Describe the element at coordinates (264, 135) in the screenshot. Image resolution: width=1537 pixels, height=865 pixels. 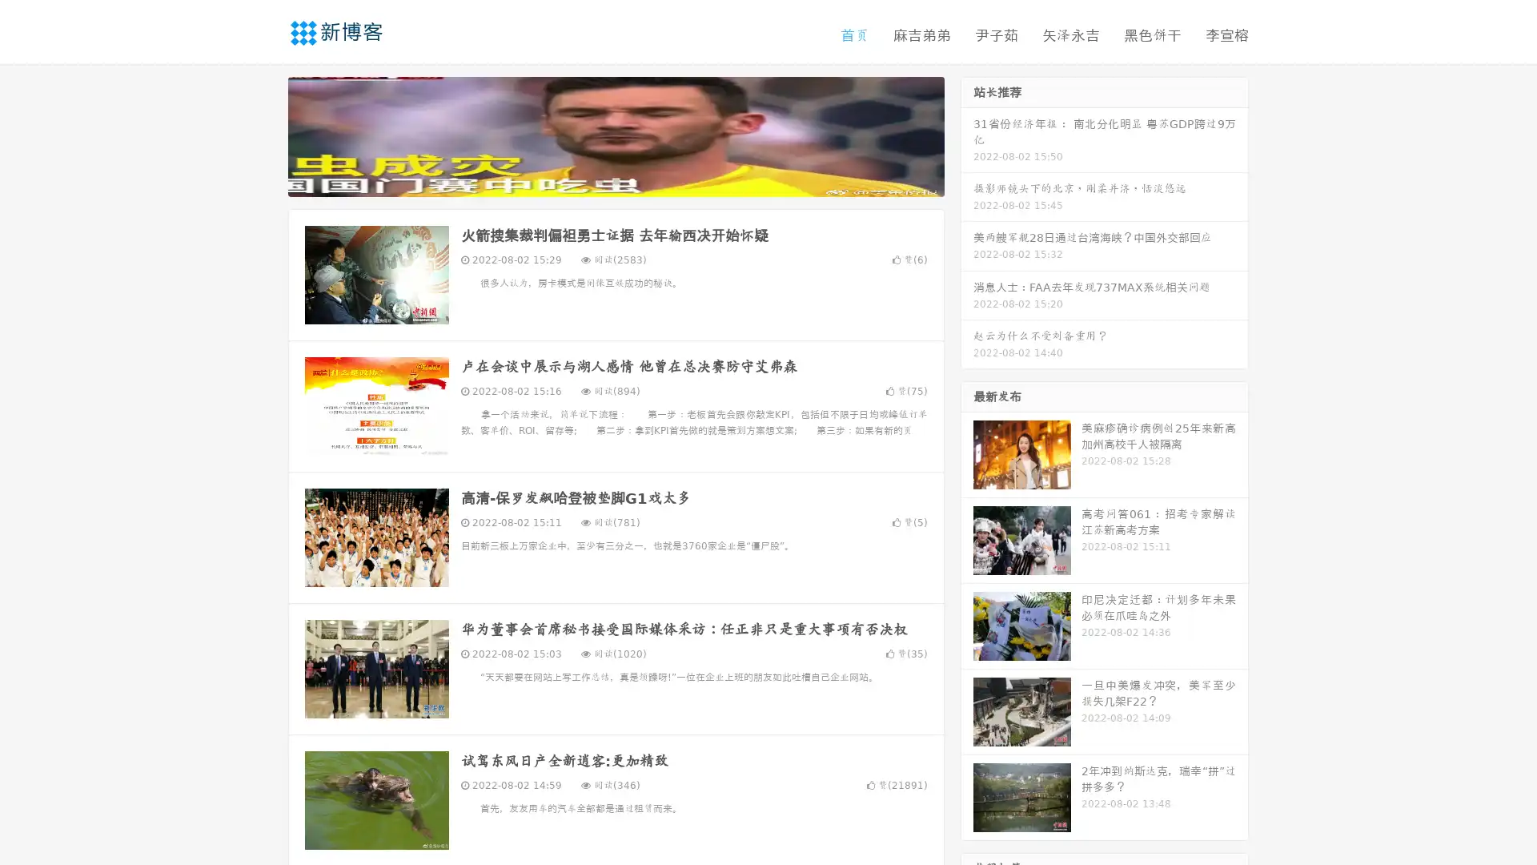
I see `Previous slide` at that location.